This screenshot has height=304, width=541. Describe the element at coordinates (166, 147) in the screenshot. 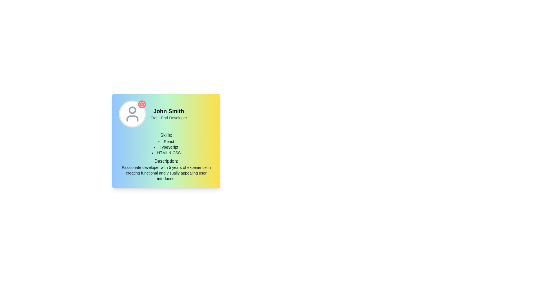

I see `the 'TypeScript' text label in the skills list, which is the second item under the 'Skills' header on the profile card` at that location.